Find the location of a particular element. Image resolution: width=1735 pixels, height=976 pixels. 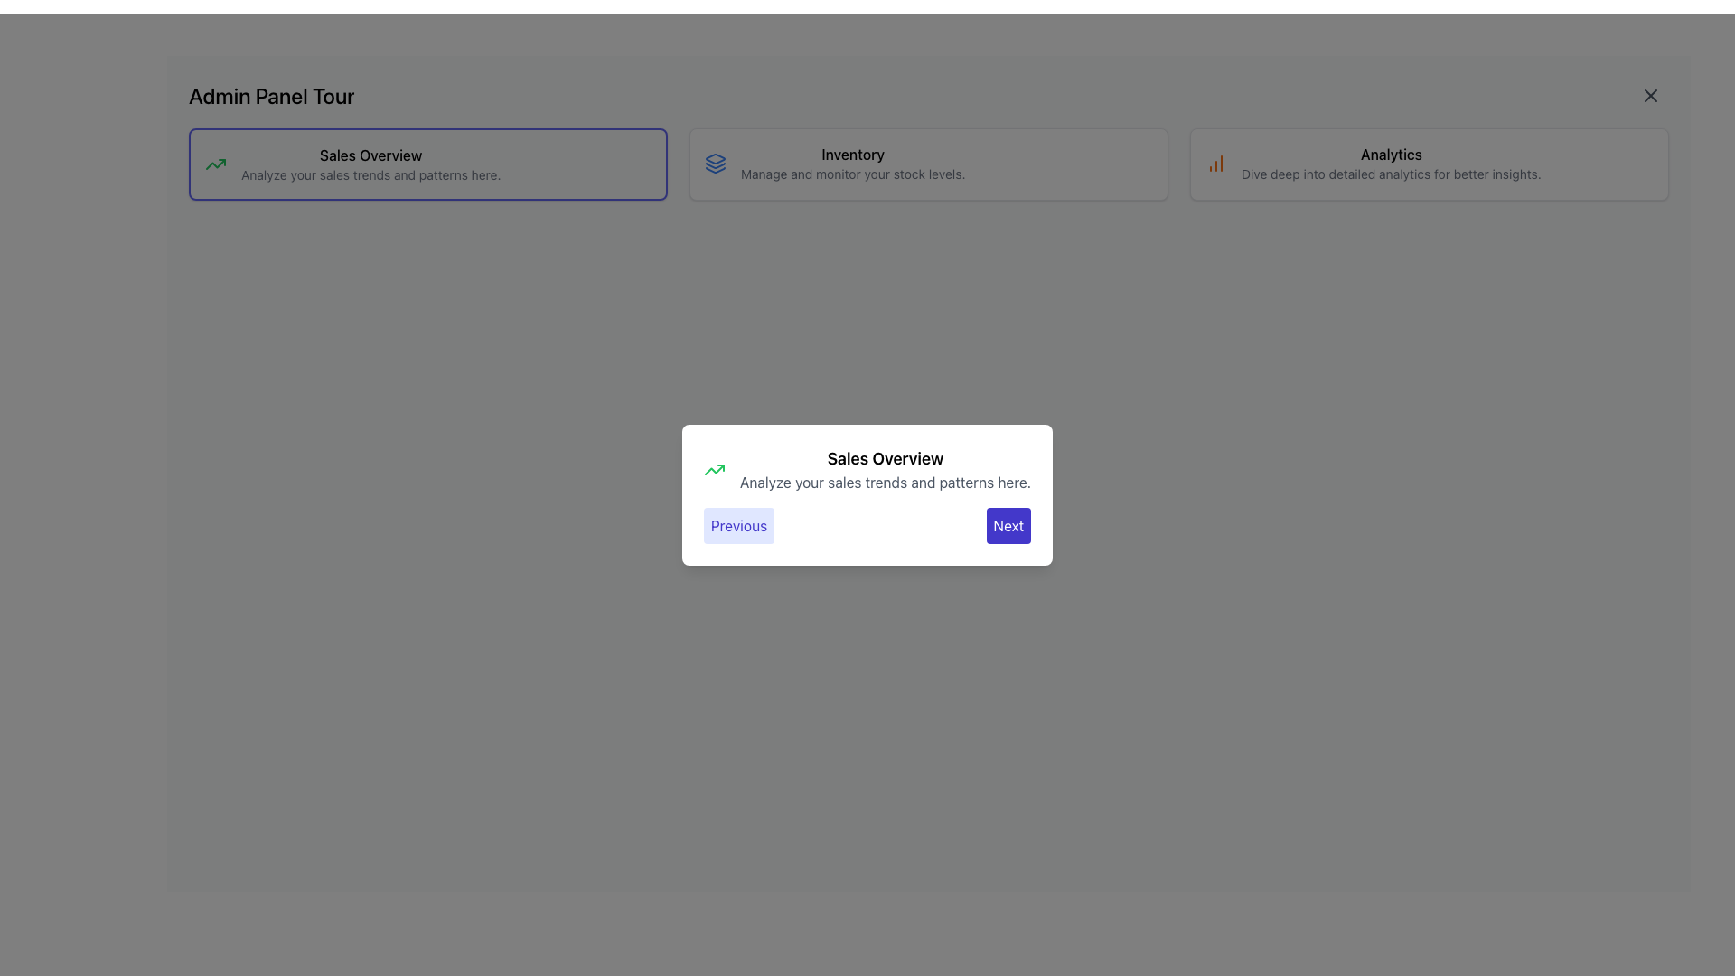

the Informational Card with a green upward trending arrow icon, titled 'Sales Overview', located in the top left segment of the grid layout is located at coordinates (427, 164).